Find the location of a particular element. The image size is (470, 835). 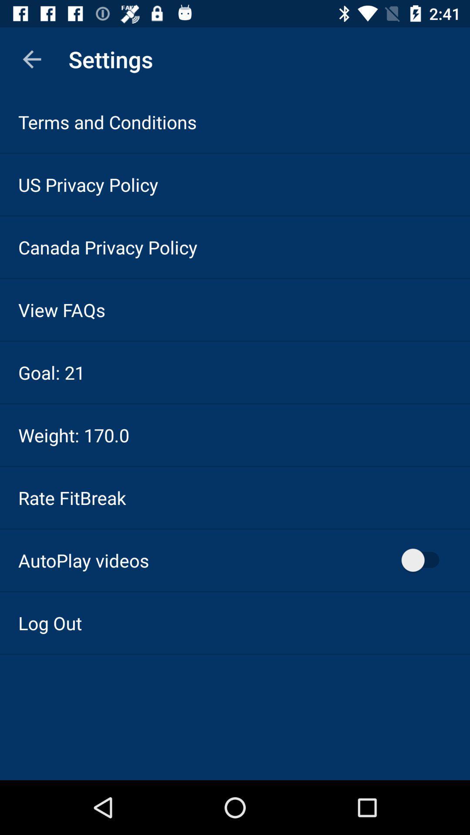

the icon below weight: 170.0 icon is located at coordinates (71, 498).